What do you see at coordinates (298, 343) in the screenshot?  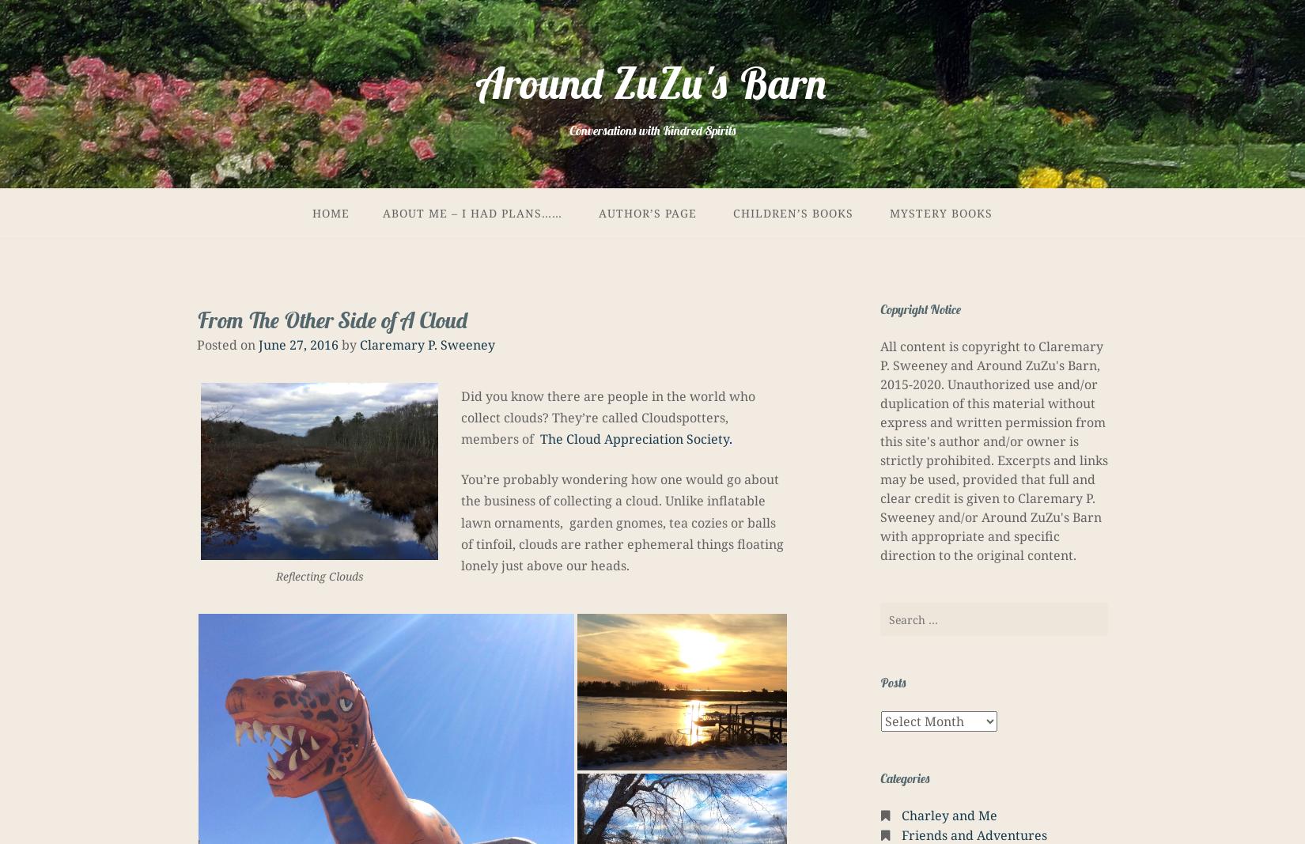 I see `'June 27, 2016'` at bounding box center [298, 343].